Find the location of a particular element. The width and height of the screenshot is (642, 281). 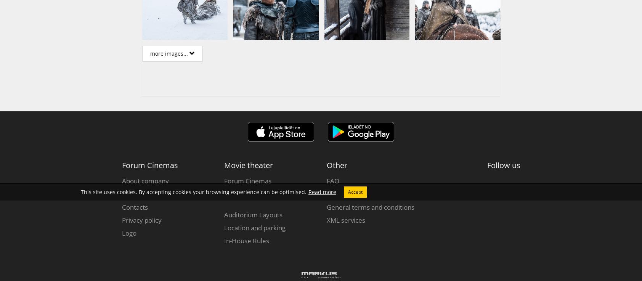

'Movie theater' is located at coordinates (224, 165).